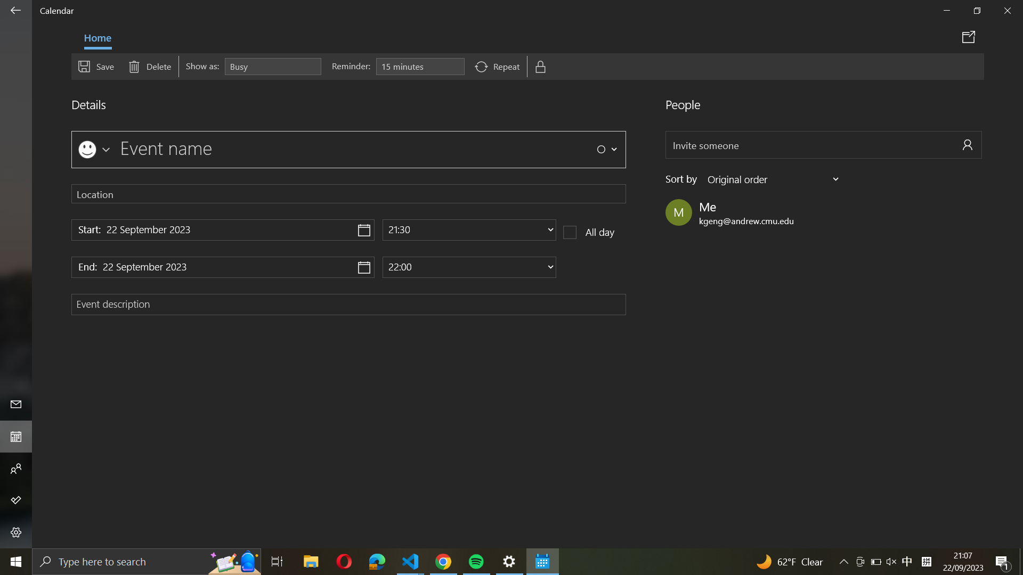 This screenshot has height=575, width=1023. I want to click on Establish "22 December 2020" as the start date for the event, so click(222, 229).